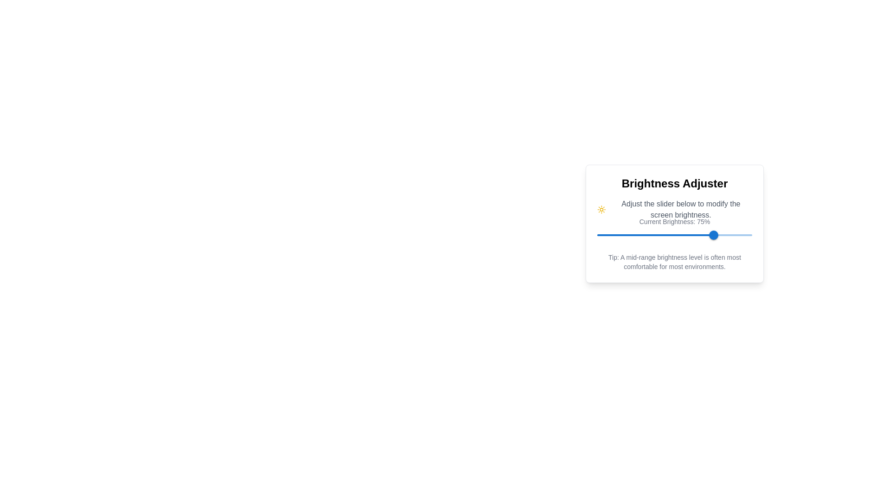 The width and height of the screenshot is (891, 501). What do you see at coordinates (654, 234) in the screenshot?
I see `brightness` at bounding box center [654, 234].